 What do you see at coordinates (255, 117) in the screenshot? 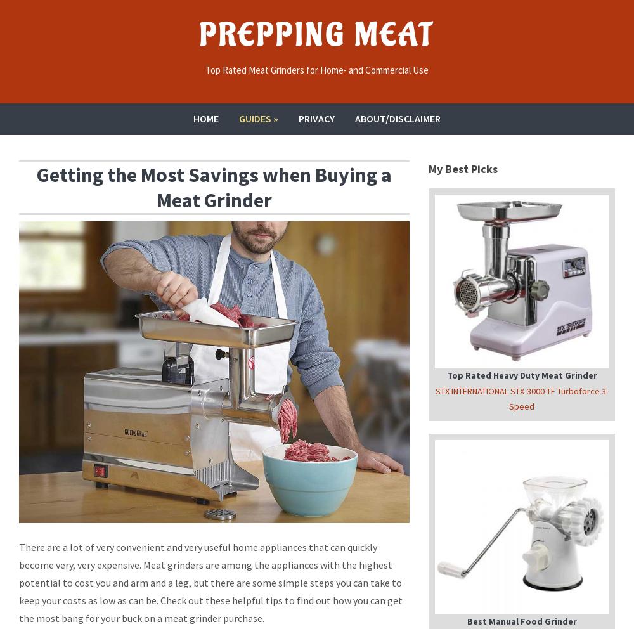
I see `'Guides'` at bounding box center [255, 117].